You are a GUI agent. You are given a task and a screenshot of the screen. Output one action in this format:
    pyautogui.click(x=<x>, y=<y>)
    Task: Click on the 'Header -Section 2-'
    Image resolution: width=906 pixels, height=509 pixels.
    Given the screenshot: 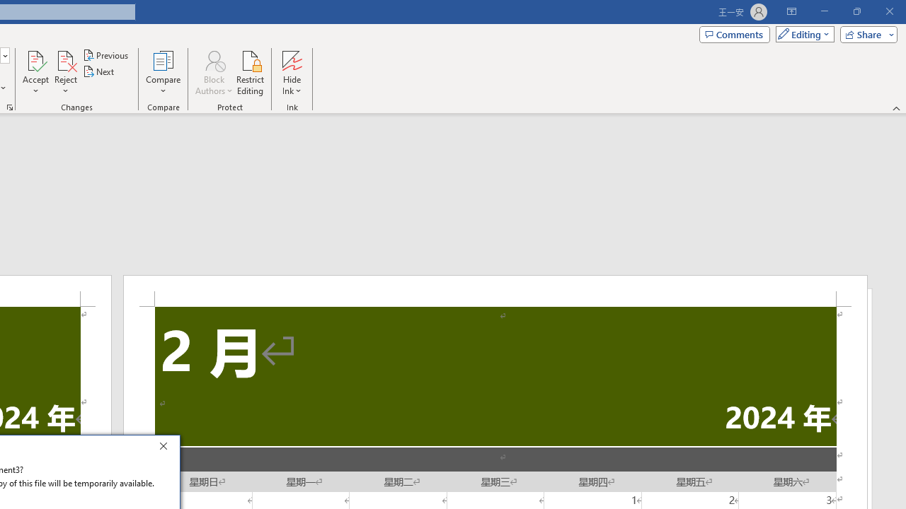 What is the action you would take?
    pyautogui.click(x=495, y=290)
    